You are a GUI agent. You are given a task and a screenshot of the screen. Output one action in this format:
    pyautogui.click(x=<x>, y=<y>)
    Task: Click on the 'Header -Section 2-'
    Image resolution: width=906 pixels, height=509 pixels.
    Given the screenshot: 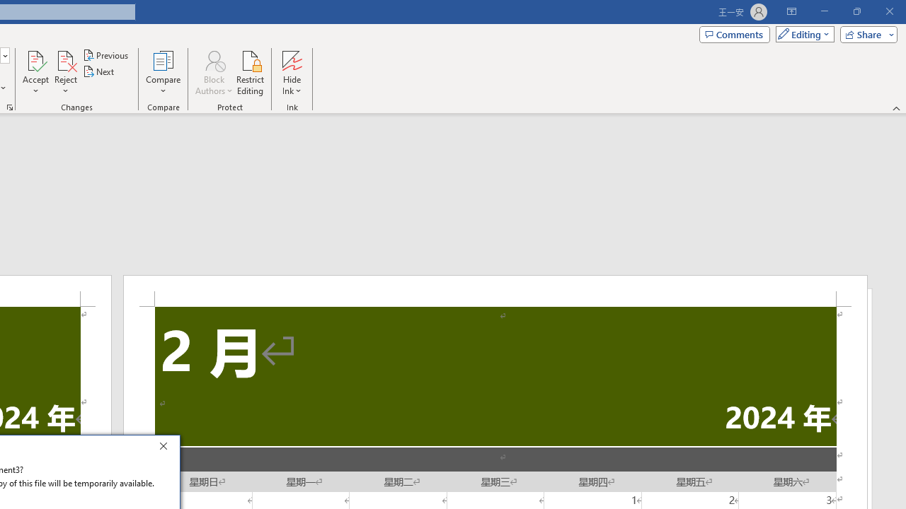 What is the action you would take?
    pyautogui.click(x=495, y=290)
    